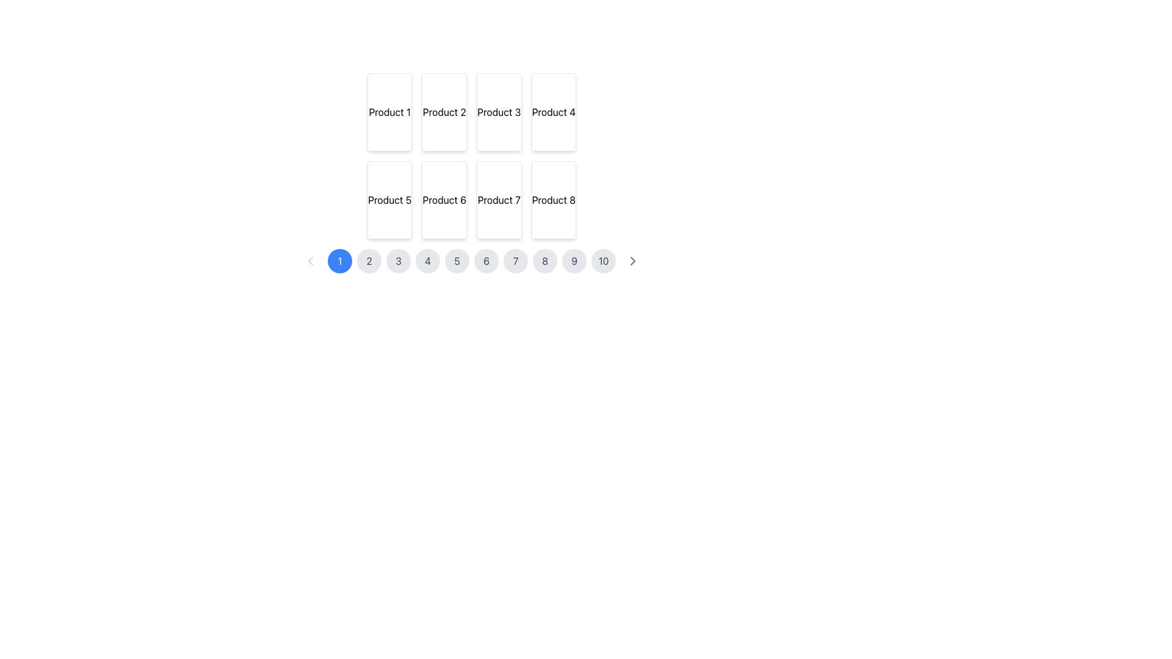 The height and width of the screenshot is (659, 1172). I want to click on the small circular button with a rightward-facing chevron icon, located at the far right of the pagination control bar, so click(632, 261).